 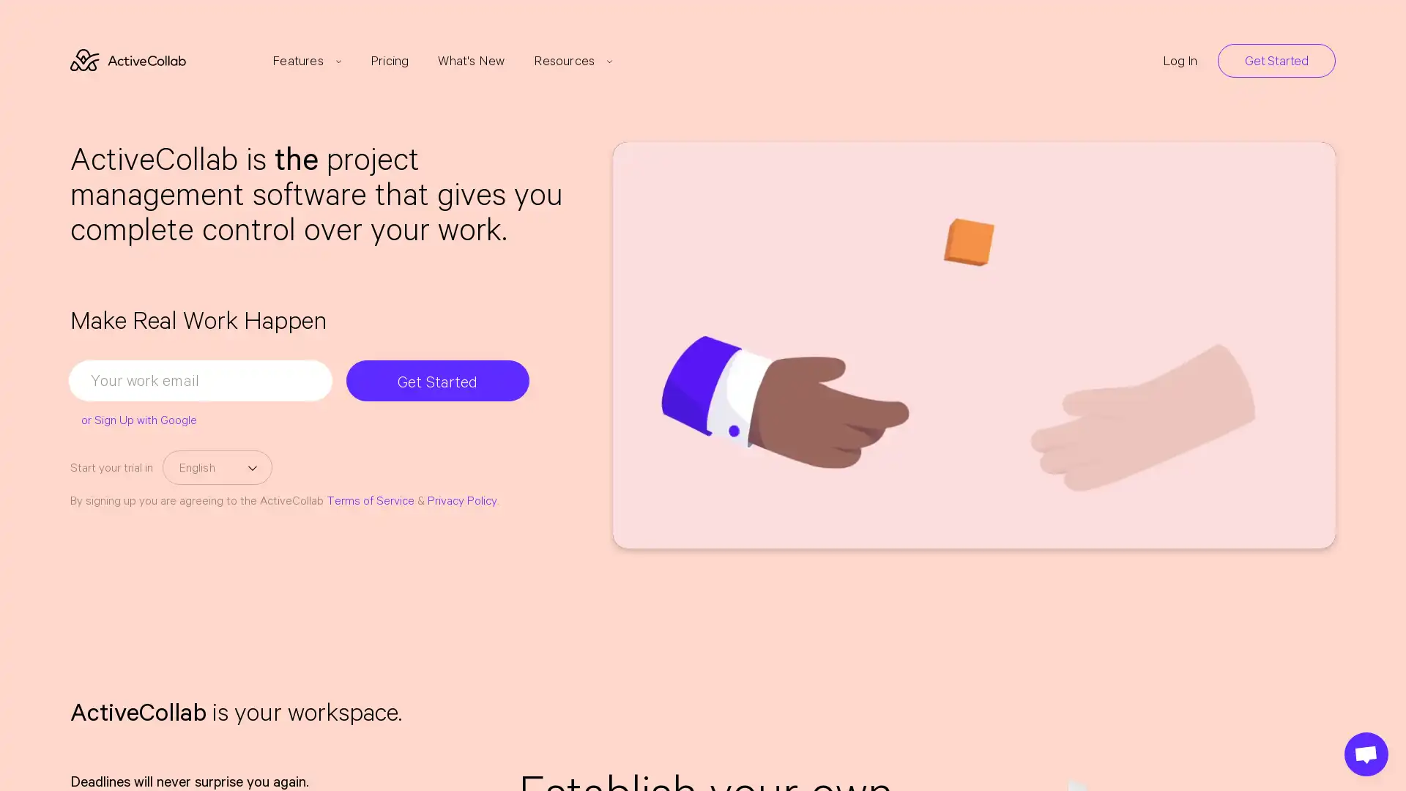 I want to click on Get Started, so click(x=436, y=380).